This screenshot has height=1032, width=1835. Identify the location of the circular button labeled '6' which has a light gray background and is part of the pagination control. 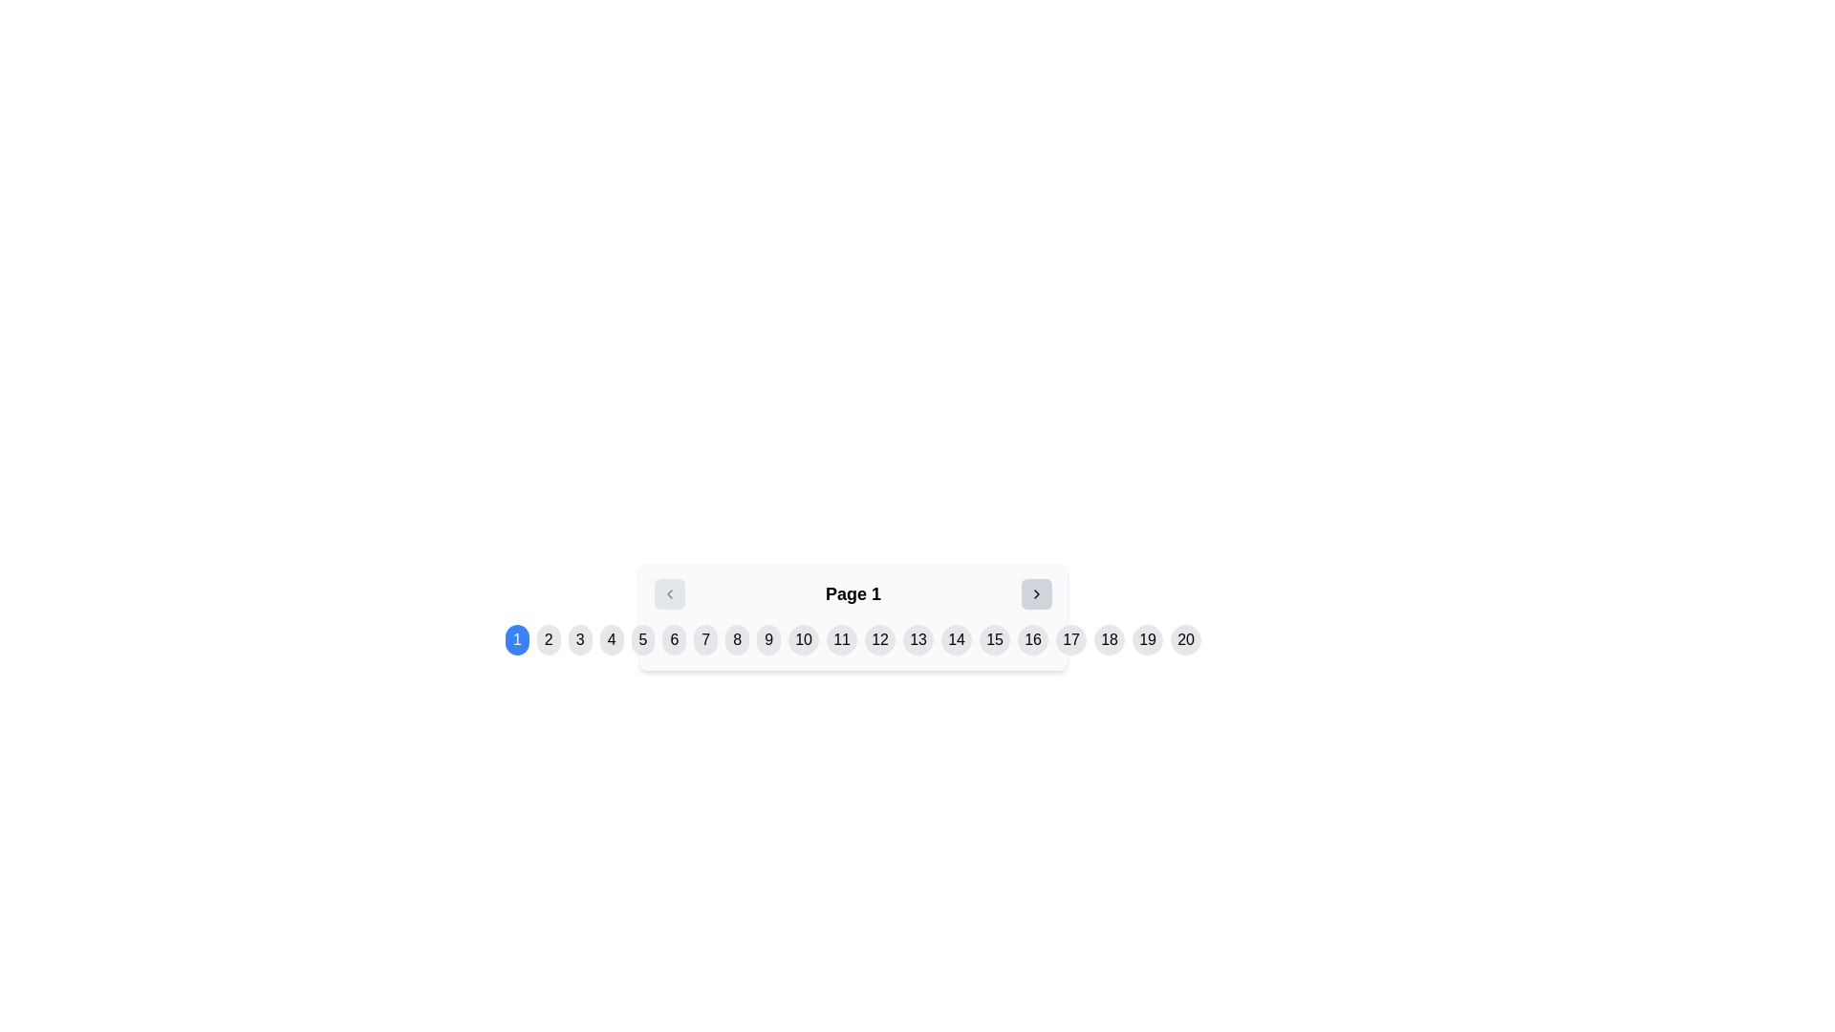
(674, 640).